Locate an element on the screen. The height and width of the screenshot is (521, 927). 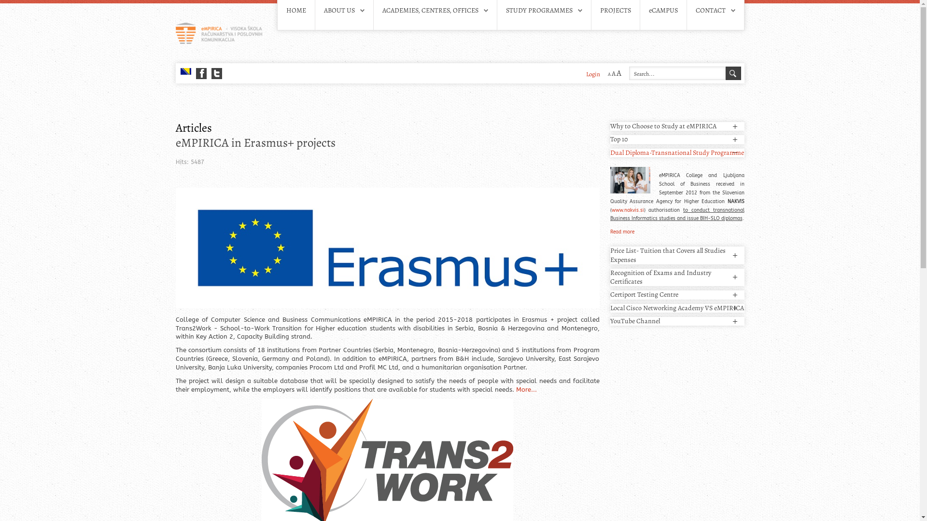
'www.nakvis.si' is located at coordinates (627, 209).